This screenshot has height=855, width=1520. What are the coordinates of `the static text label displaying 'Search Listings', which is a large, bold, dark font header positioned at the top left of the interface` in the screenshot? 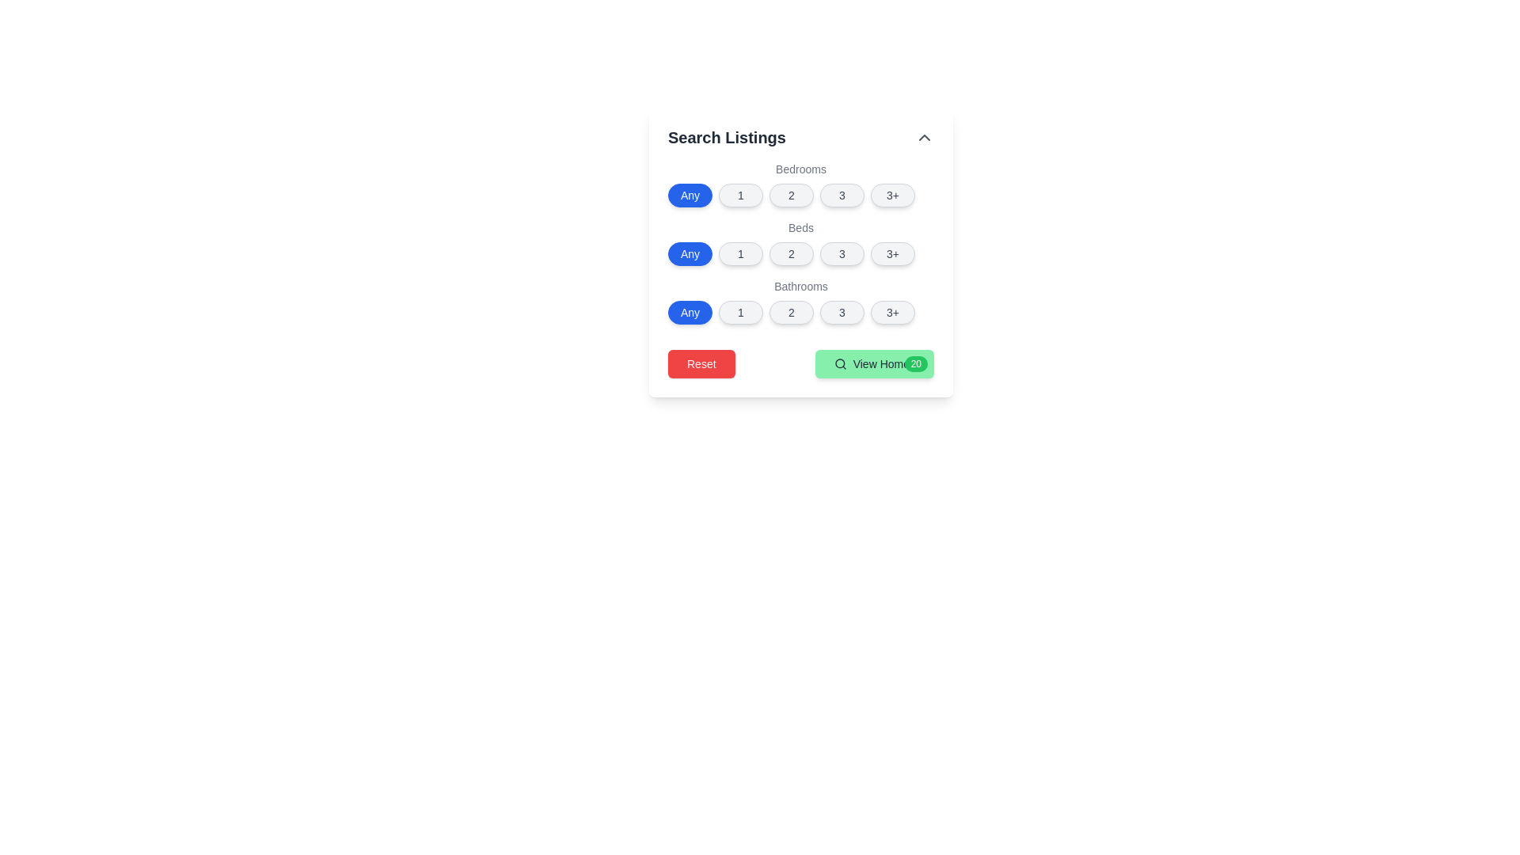 It's located at (726, 136).